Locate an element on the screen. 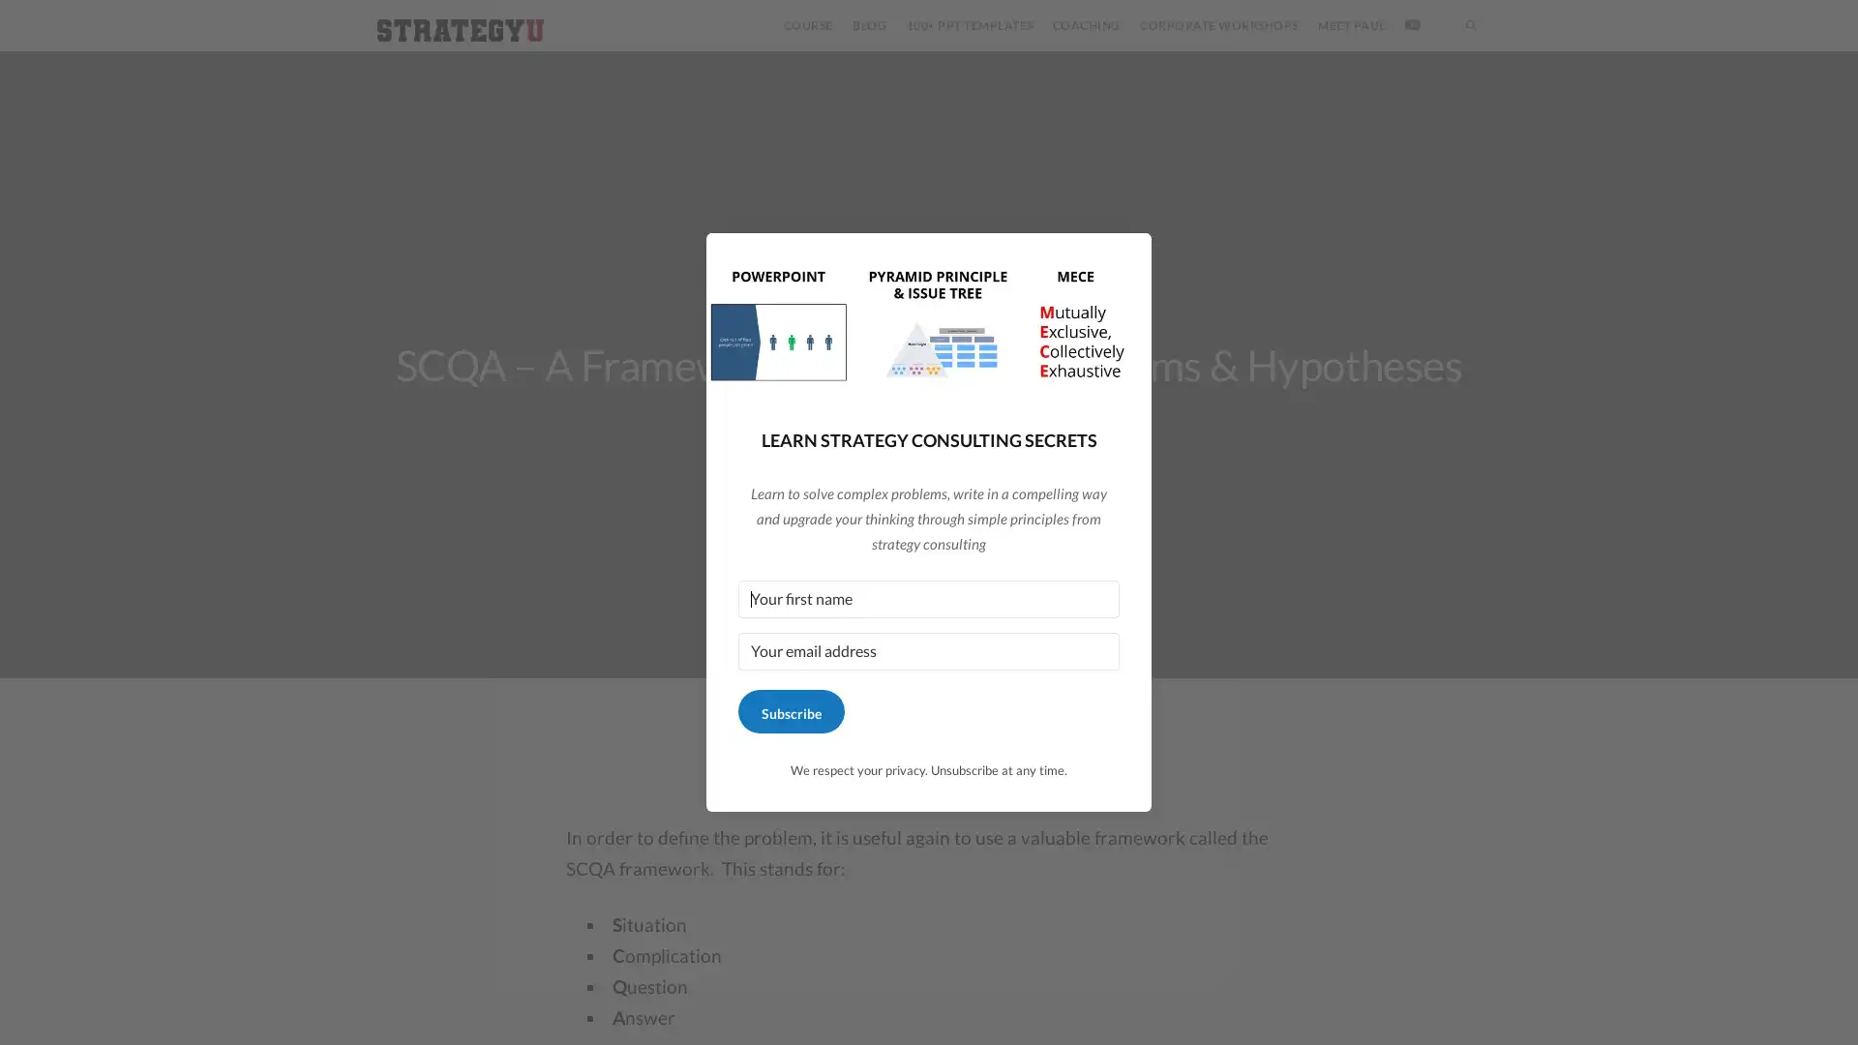 This screenshot has height=1045, width=1858. Close is located at coordinates (1128, 269).